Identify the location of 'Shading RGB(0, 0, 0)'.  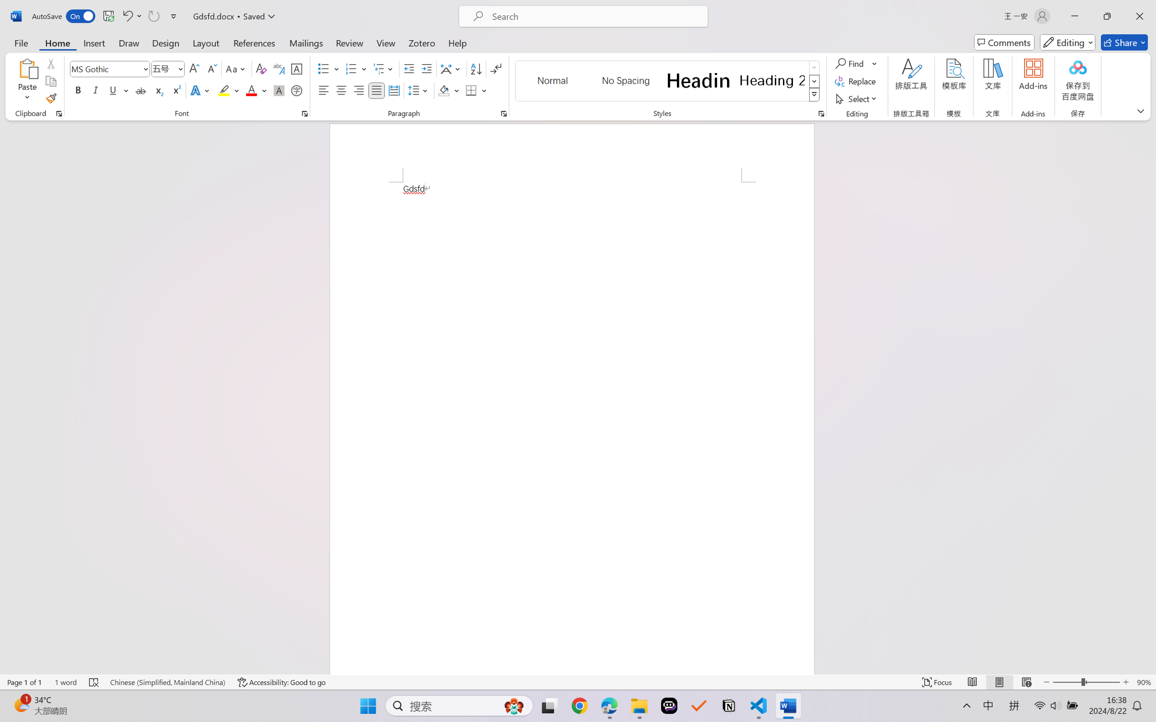
(443, 90).